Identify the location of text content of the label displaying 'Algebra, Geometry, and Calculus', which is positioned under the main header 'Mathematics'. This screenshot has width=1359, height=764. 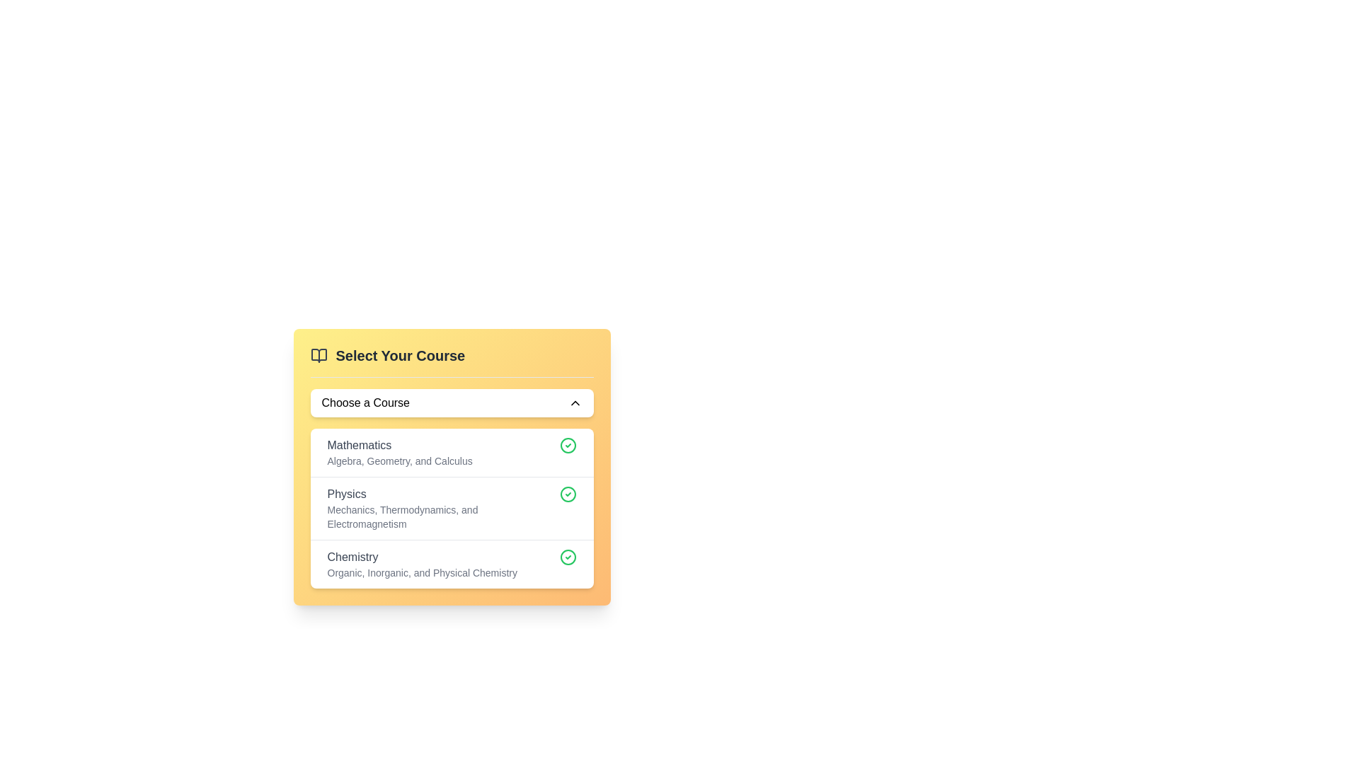
(399, 461).